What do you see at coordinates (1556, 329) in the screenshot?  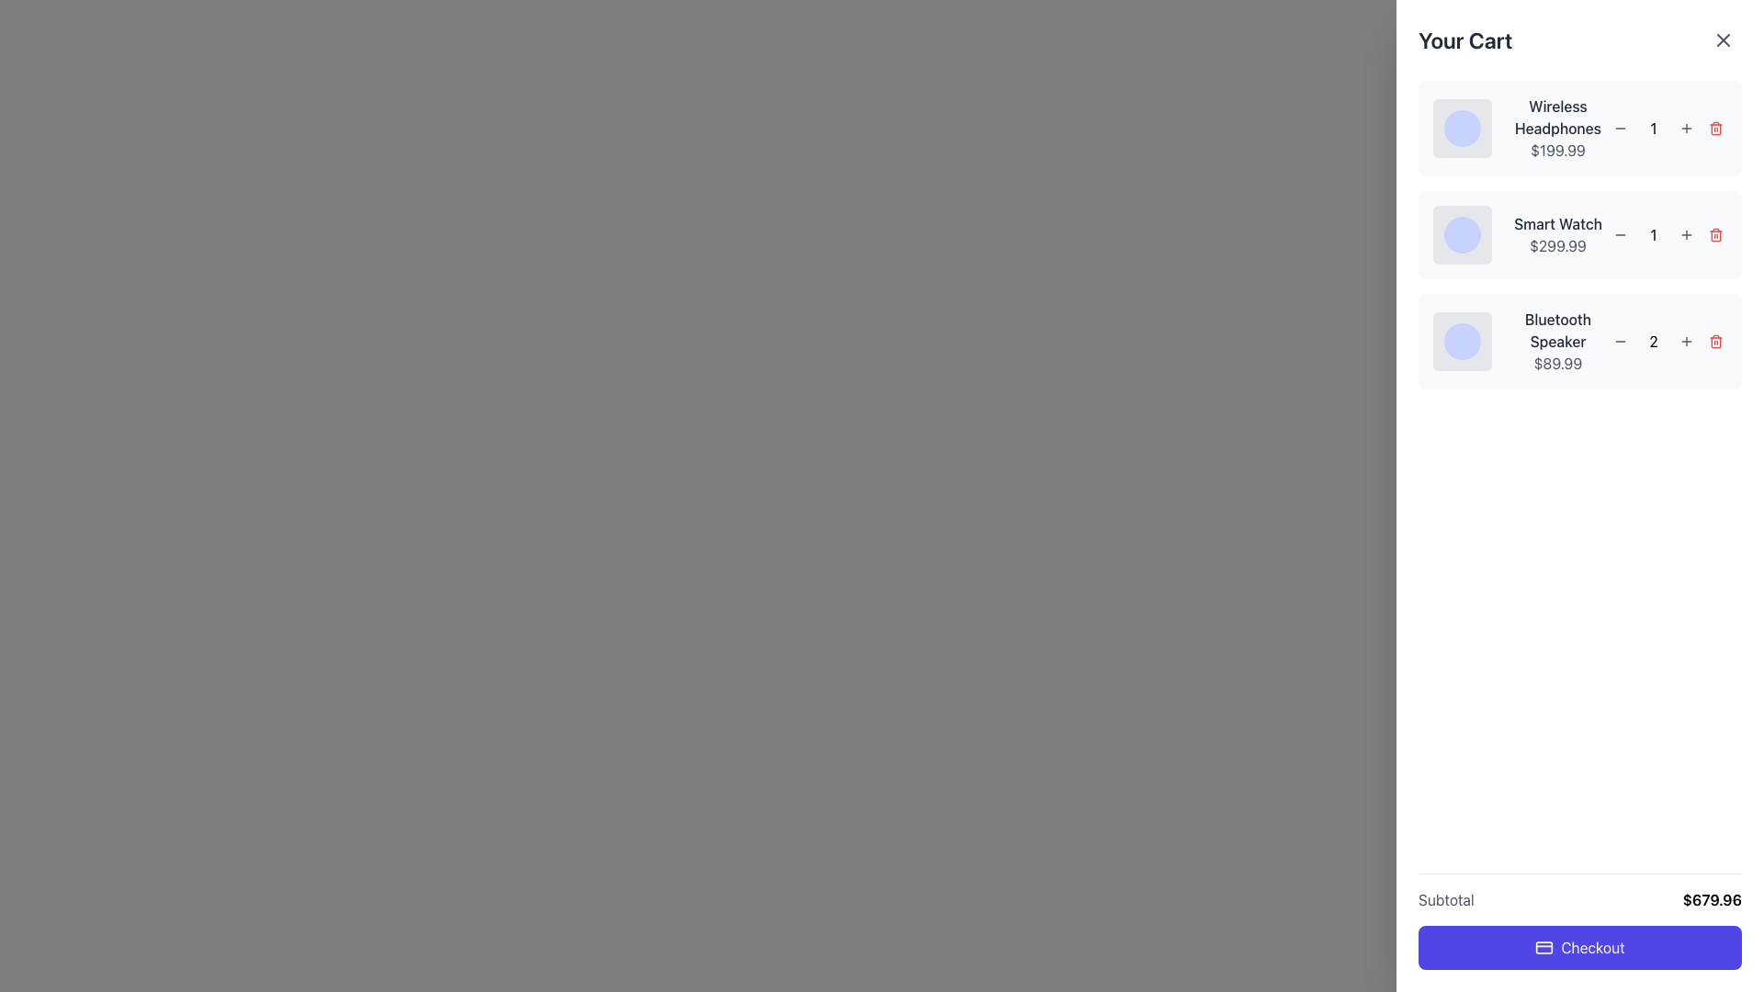 I see `text content of the 'Bluetooth Speaker' label, which is the third item in the vertically stacked list in the cart sidebar, positioned above the price '$89.99'` at bounding box center [1556, 329].